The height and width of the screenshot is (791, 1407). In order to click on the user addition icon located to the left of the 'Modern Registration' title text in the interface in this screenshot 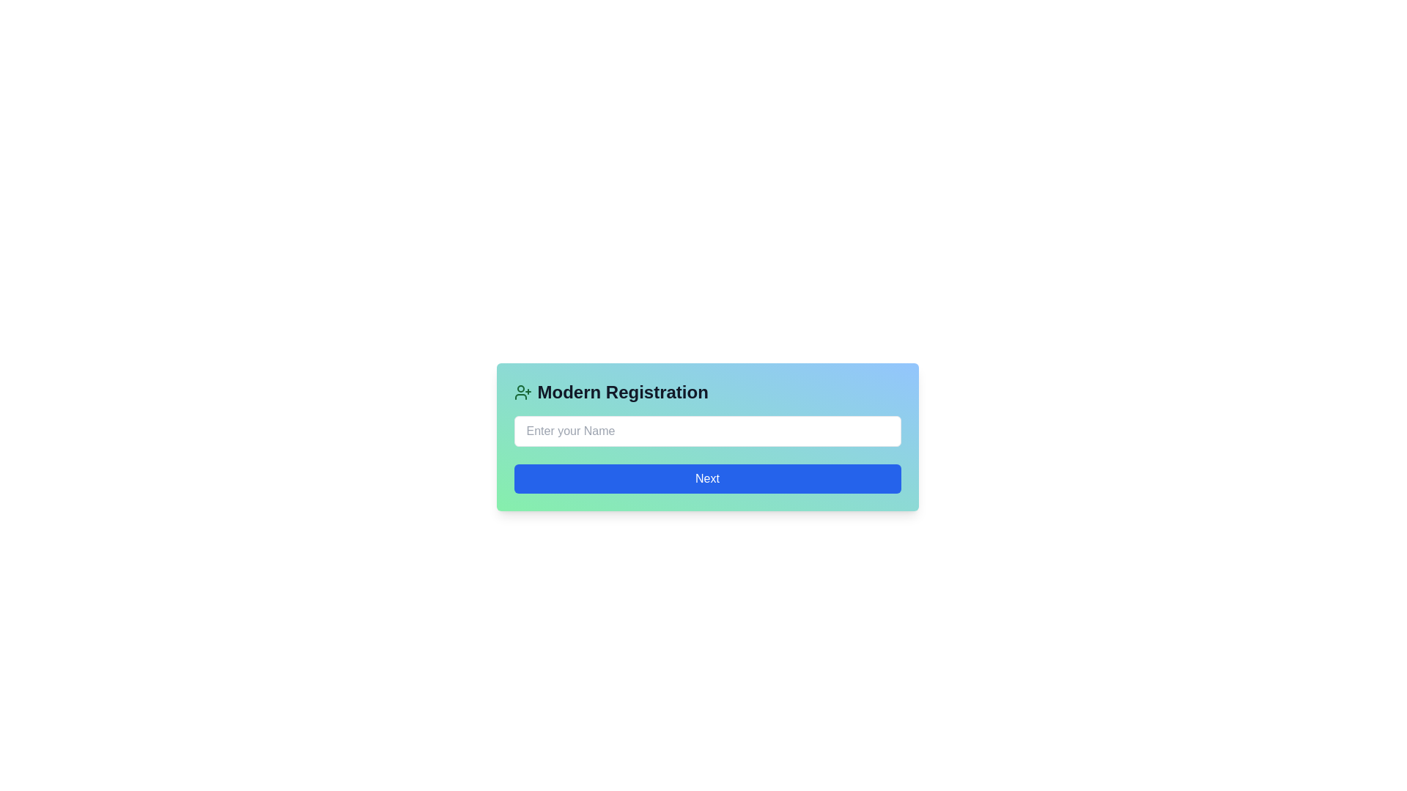, I will do `click(522, 392)`.